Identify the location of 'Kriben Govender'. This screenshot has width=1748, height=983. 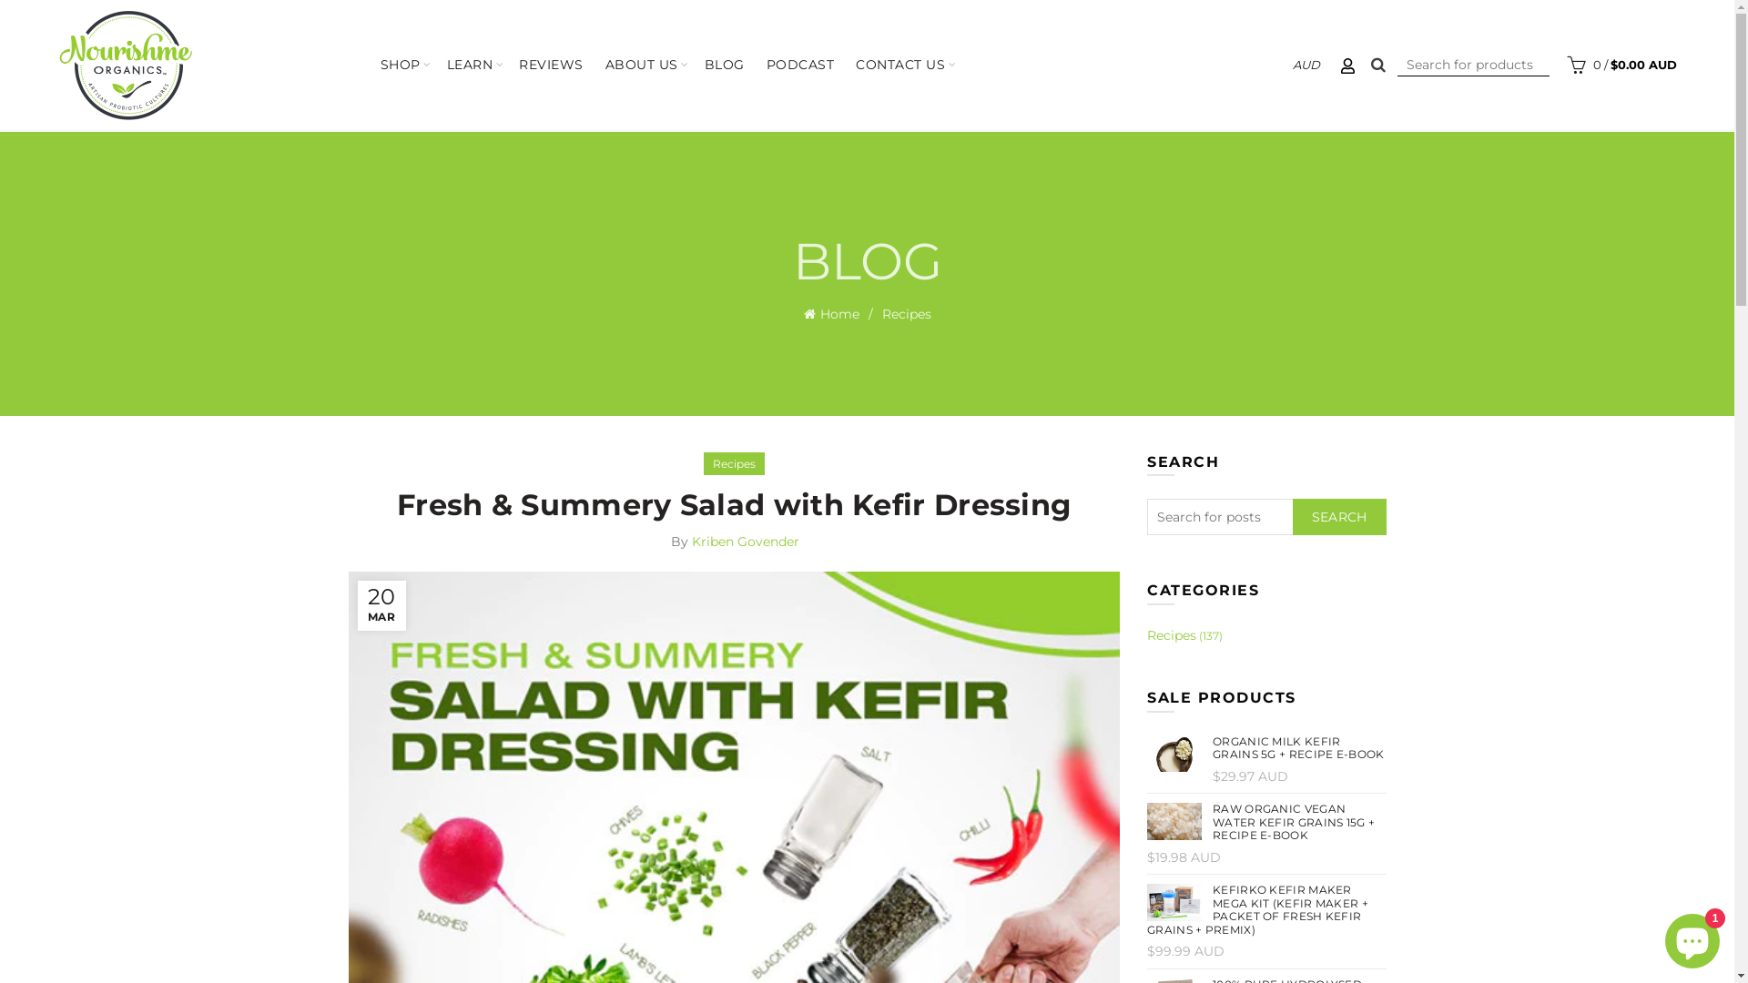
(746, 540).